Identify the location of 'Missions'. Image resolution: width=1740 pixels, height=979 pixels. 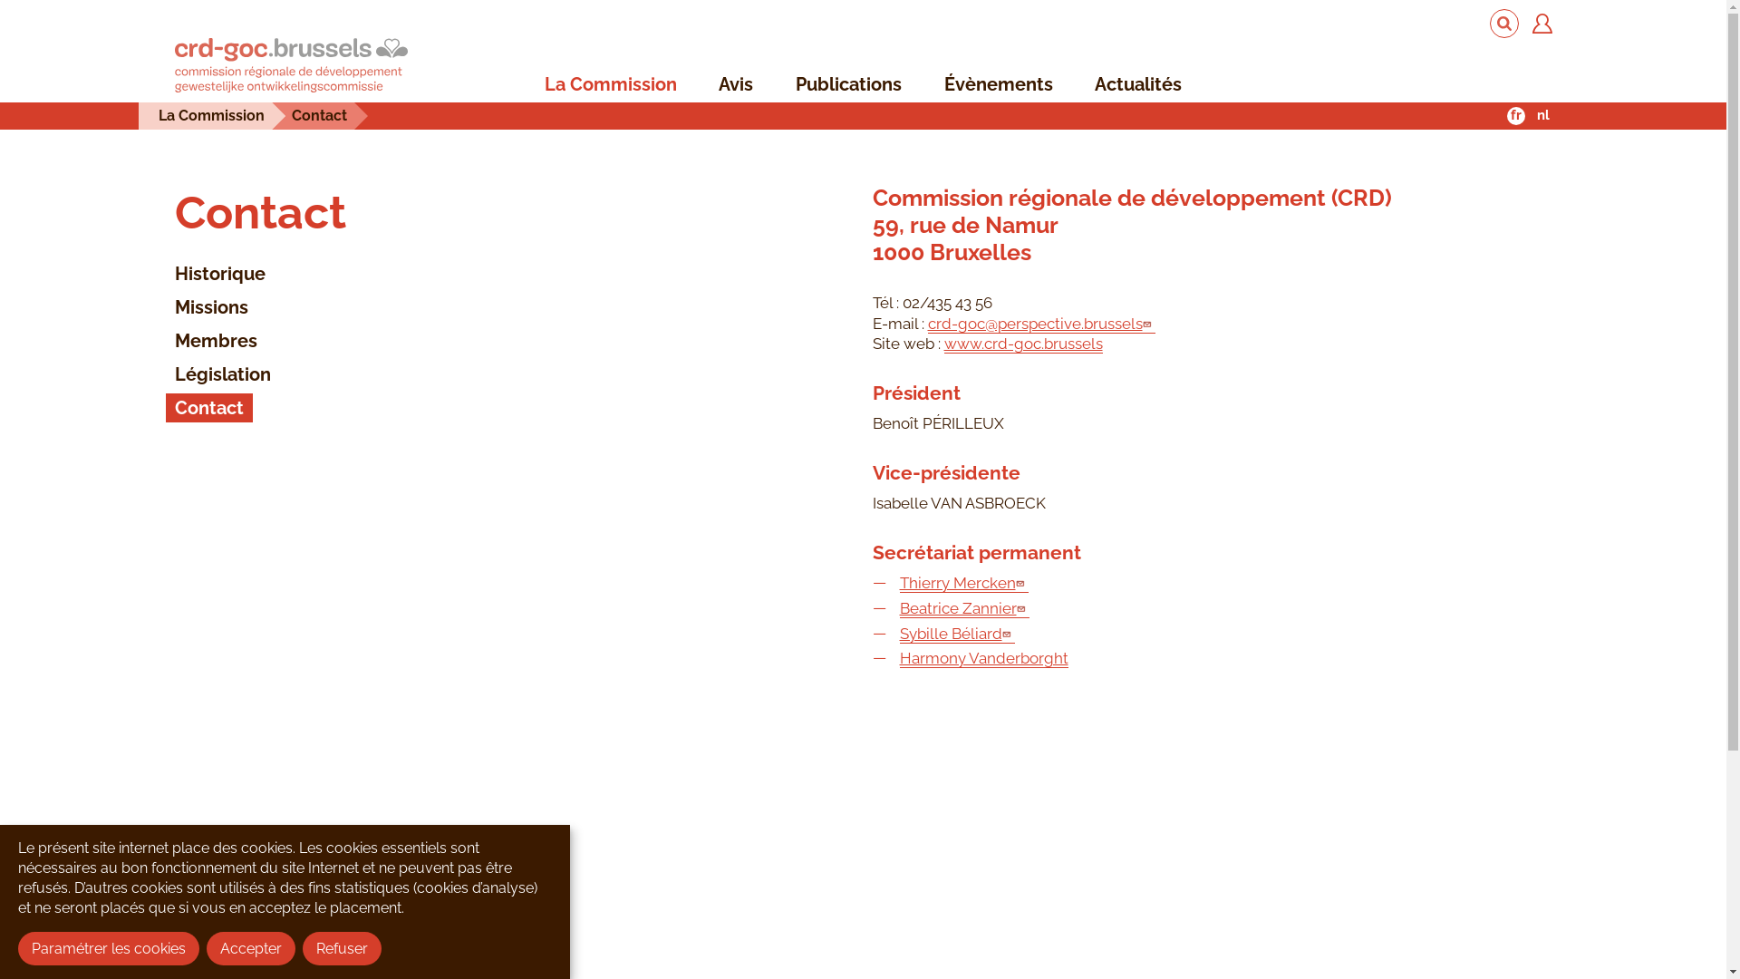
(210, 306).